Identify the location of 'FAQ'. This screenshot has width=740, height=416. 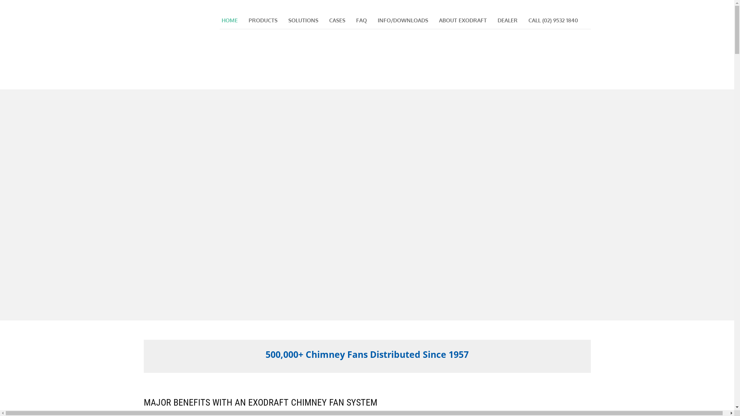
(360, 20).